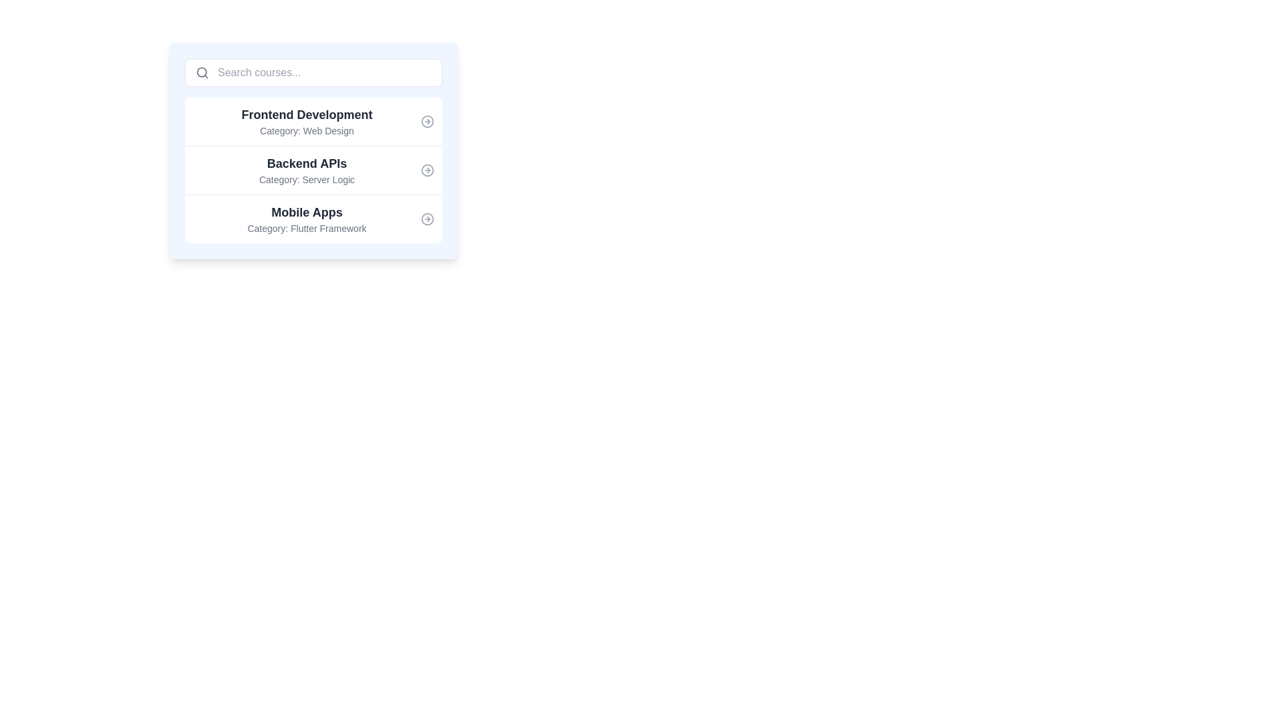 This screenshot has width=1283, height=722. I want to click on the SVG circle element that is part of the arrow icon located to the right of the 'Backend APIs' row in the list of categories, so click(426, 169).